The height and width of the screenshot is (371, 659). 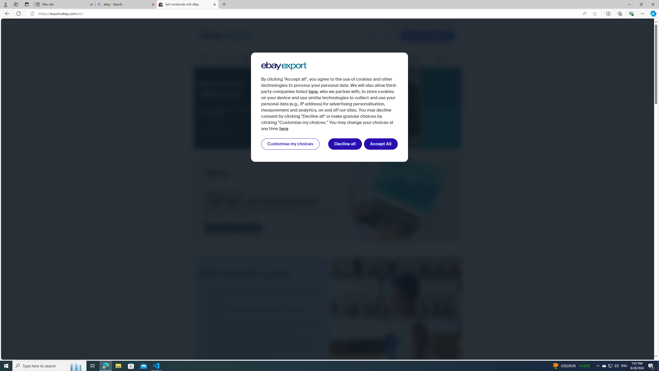 What do you see at coordinates (453, 24) in the screenshot?
I see `'Class: header__toplink-icon'` at bounding box center [453, 24].